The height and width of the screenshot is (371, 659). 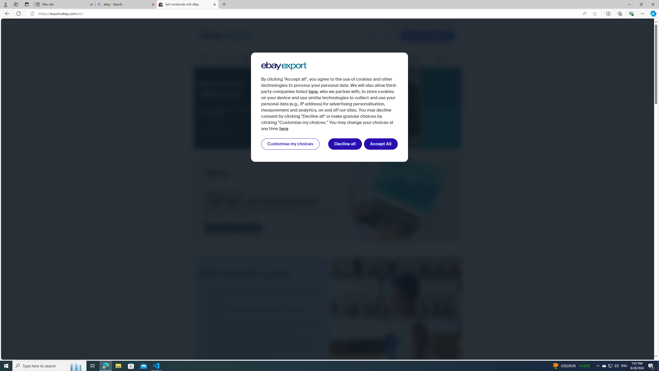 What do you see at coordinates (453, 24) in the screenshot?
I see `'Class: header__toplink-icon'` at bounding box center [453, 24].